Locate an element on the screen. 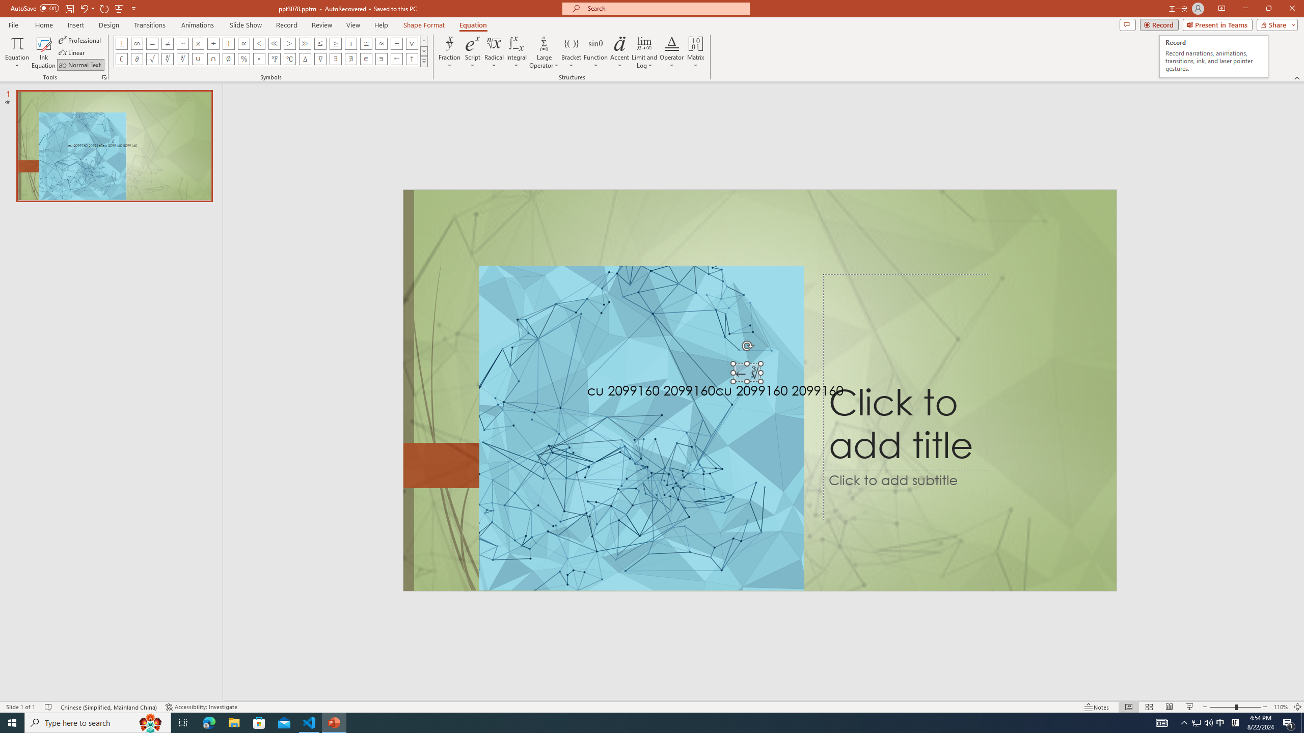  'Equation Symbol Not Equal To' is located at coordinates (167, 43).